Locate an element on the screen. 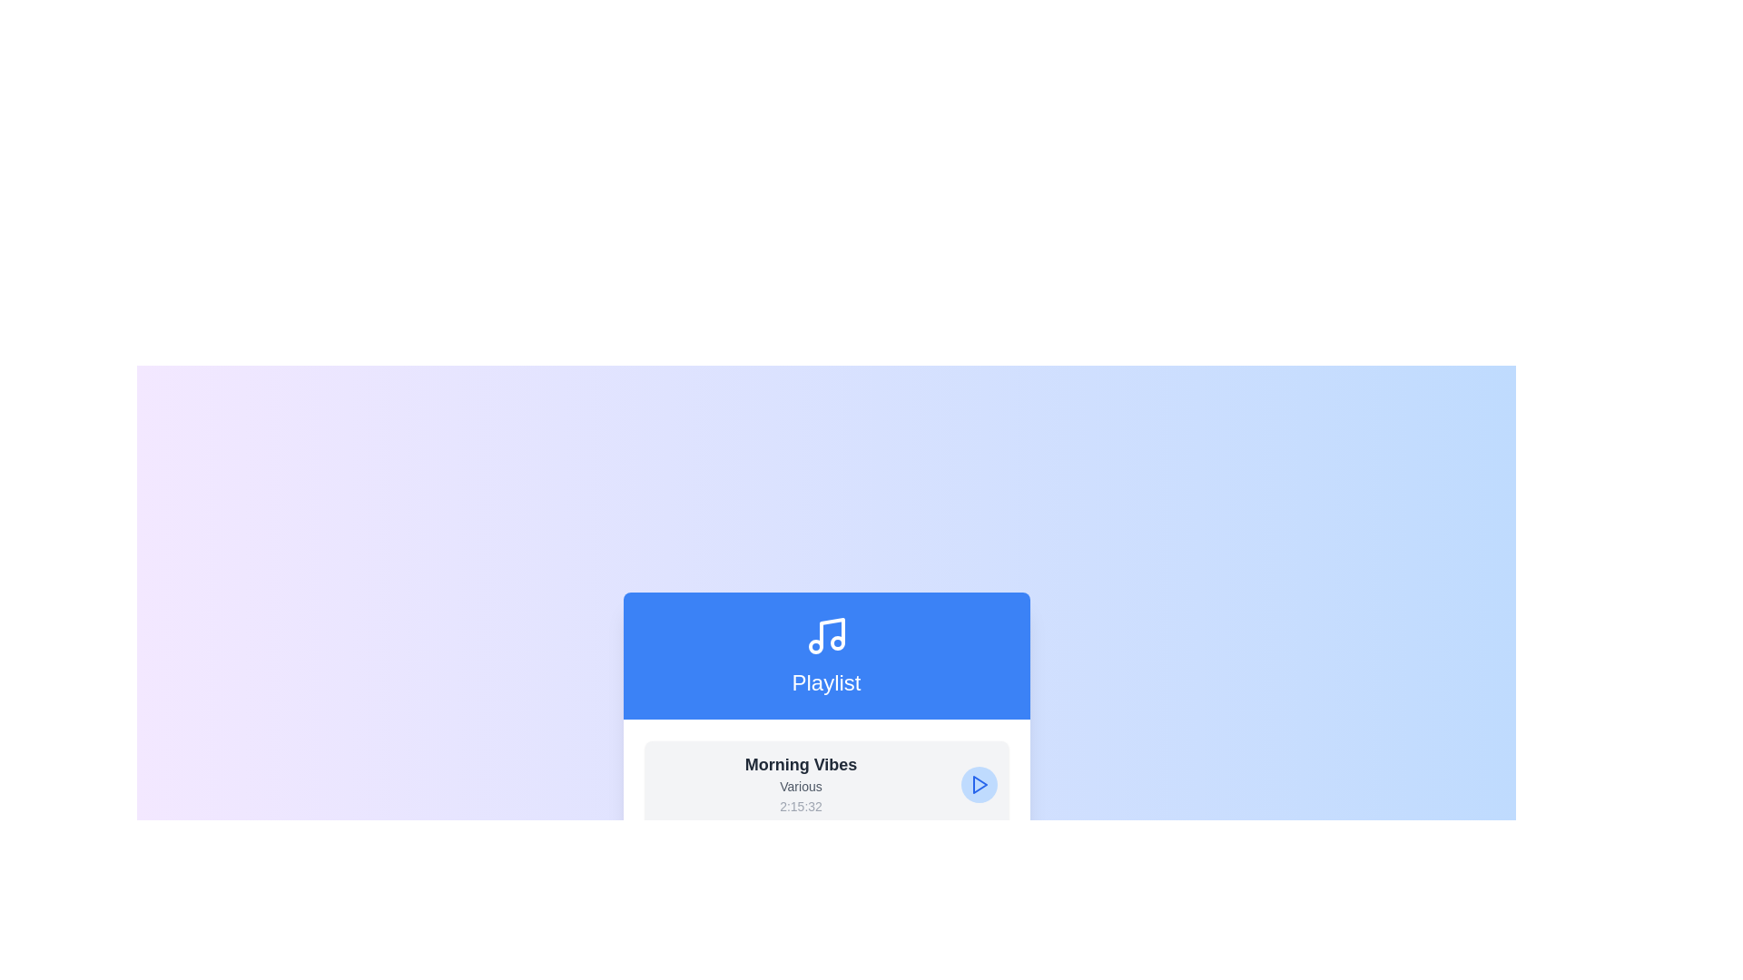 The width and height of the screenshot is (1743, 980). the leftmost small circle within the SVG graphic of a musical note, which is contained by the blue header background of the 'Playlist' banner is located at coordinates (814, 646).